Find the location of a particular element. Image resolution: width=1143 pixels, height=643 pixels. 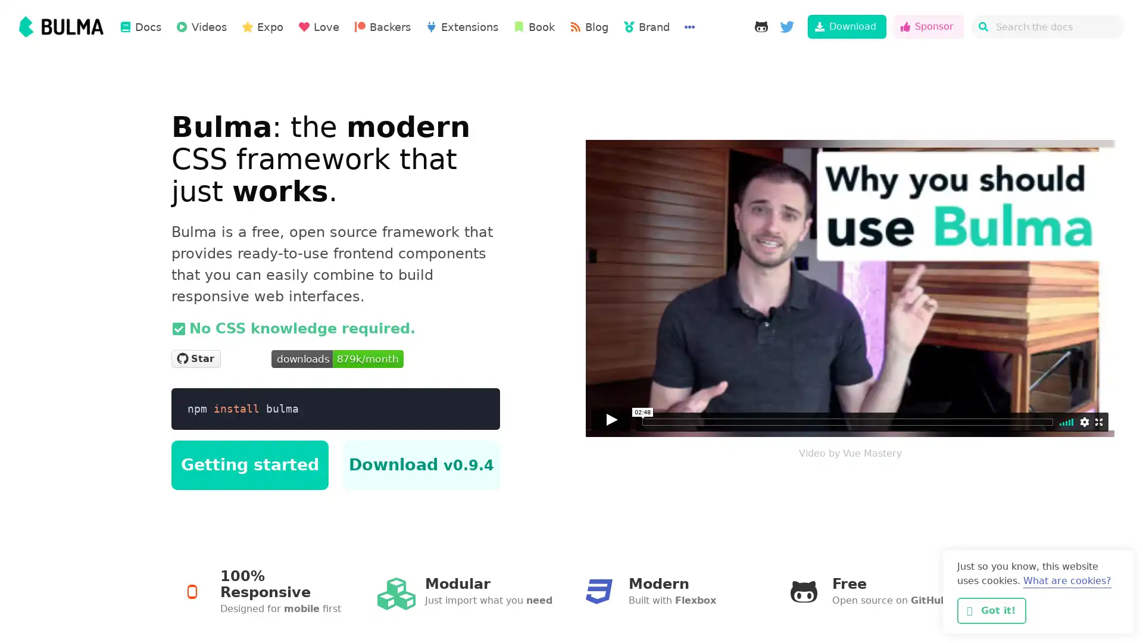

dismiss cookie message is located at coordinates (991, 611).